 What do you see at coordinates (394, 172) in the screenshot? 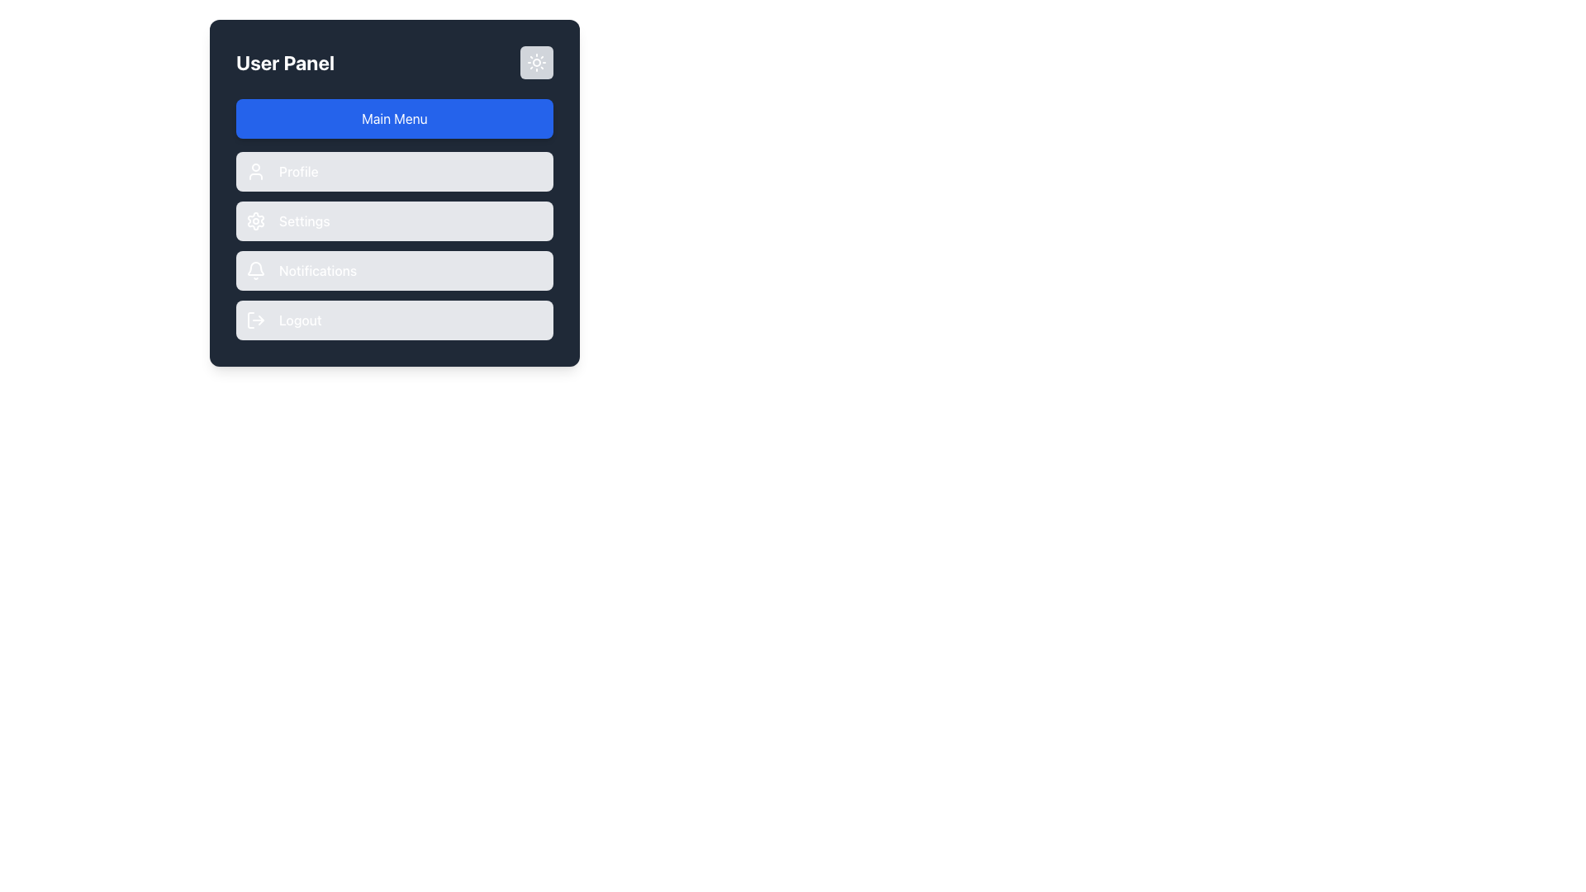
I see `the 'Profile' menu button located directly below the 'Main Menu' button in the 'User Panel' interface` at bounding box center [394, 172].